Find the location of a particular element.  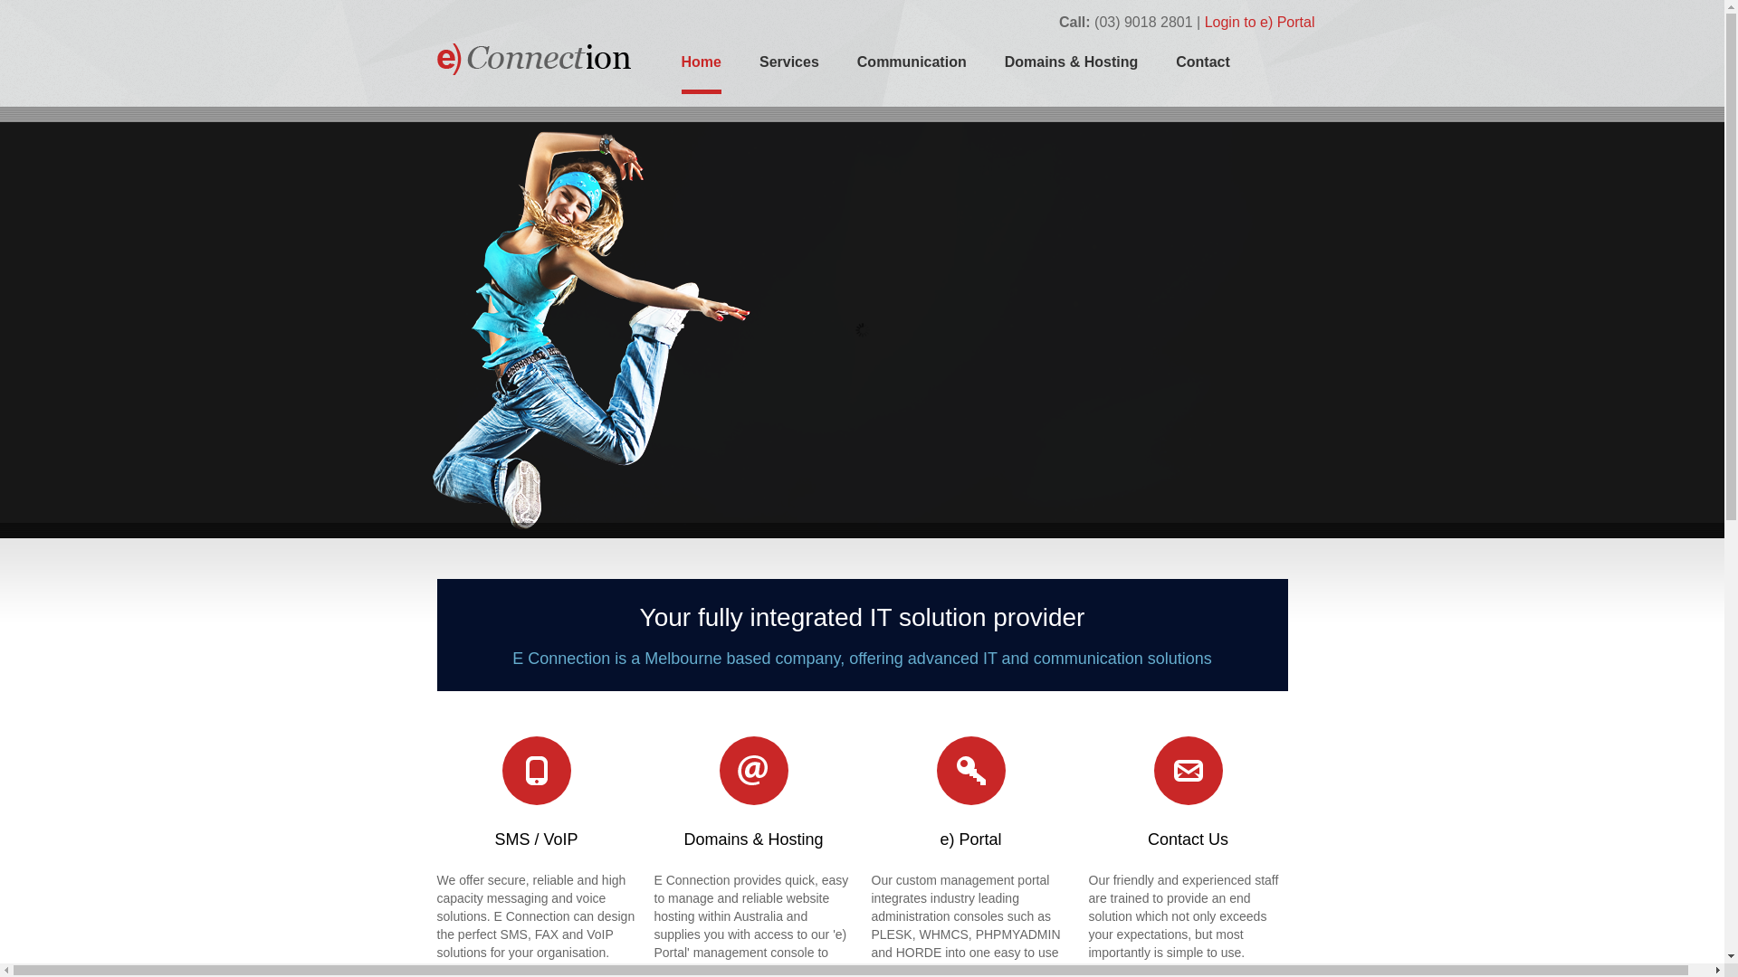

'Domains & Hosting' is located at coordinates (1003, 70).